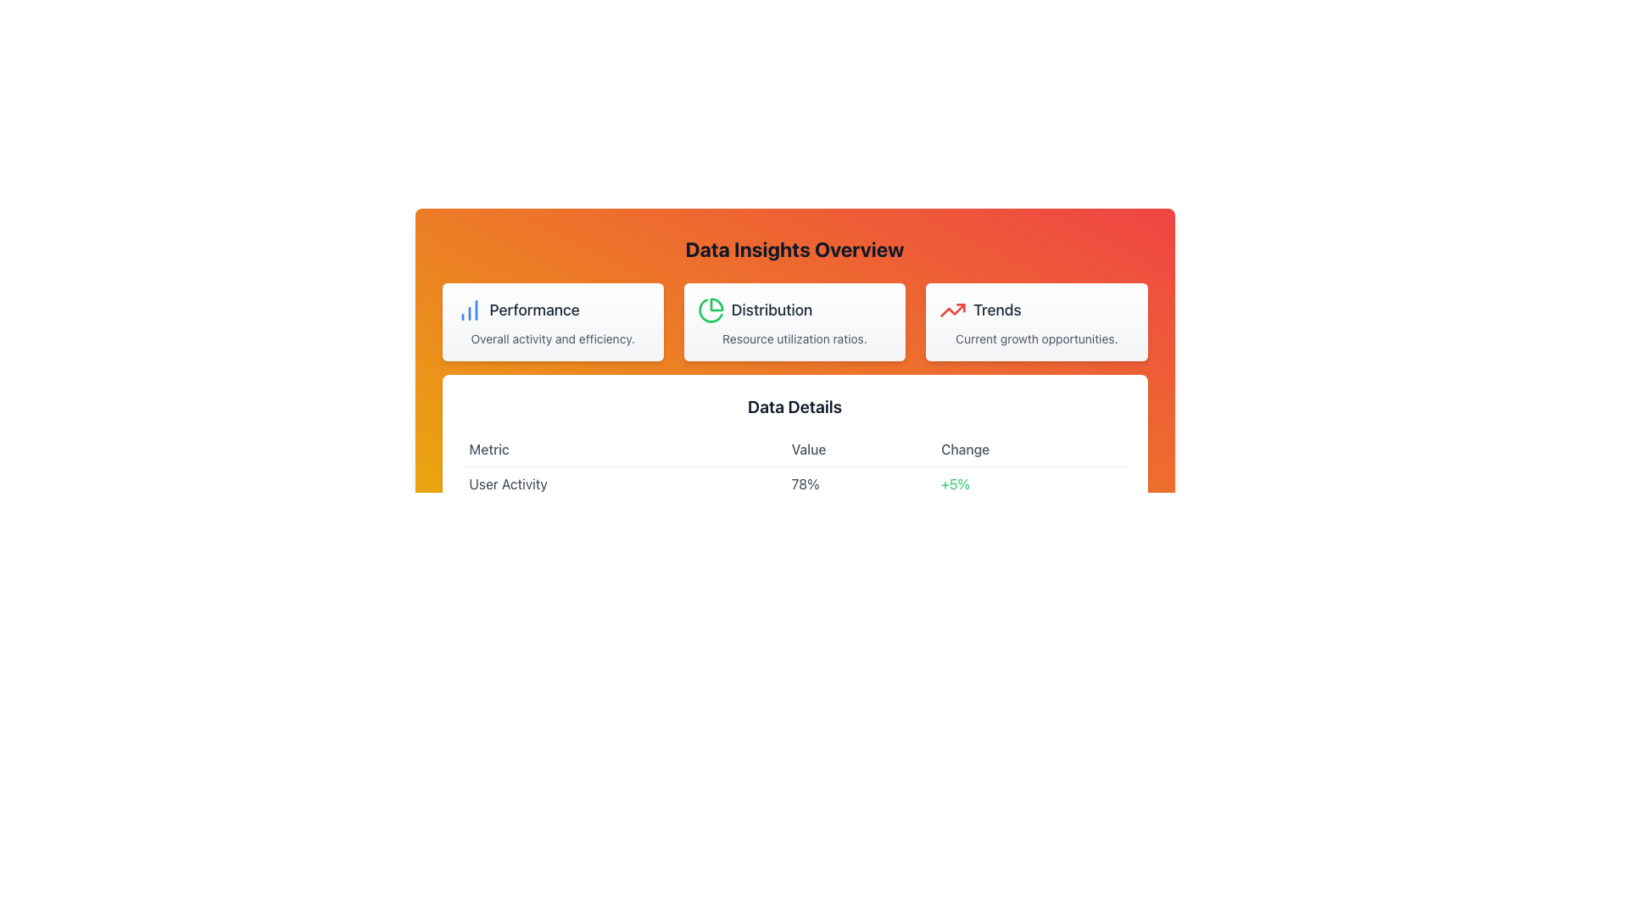  Describe the element at coordinates (794, 322) in the screenshot. I see `text content of the summary card displaying key insights related to distribution metrics, specifically focusing on resource utilization ratios, located in the middle of a row of three horizontally aligned cards` at that location.